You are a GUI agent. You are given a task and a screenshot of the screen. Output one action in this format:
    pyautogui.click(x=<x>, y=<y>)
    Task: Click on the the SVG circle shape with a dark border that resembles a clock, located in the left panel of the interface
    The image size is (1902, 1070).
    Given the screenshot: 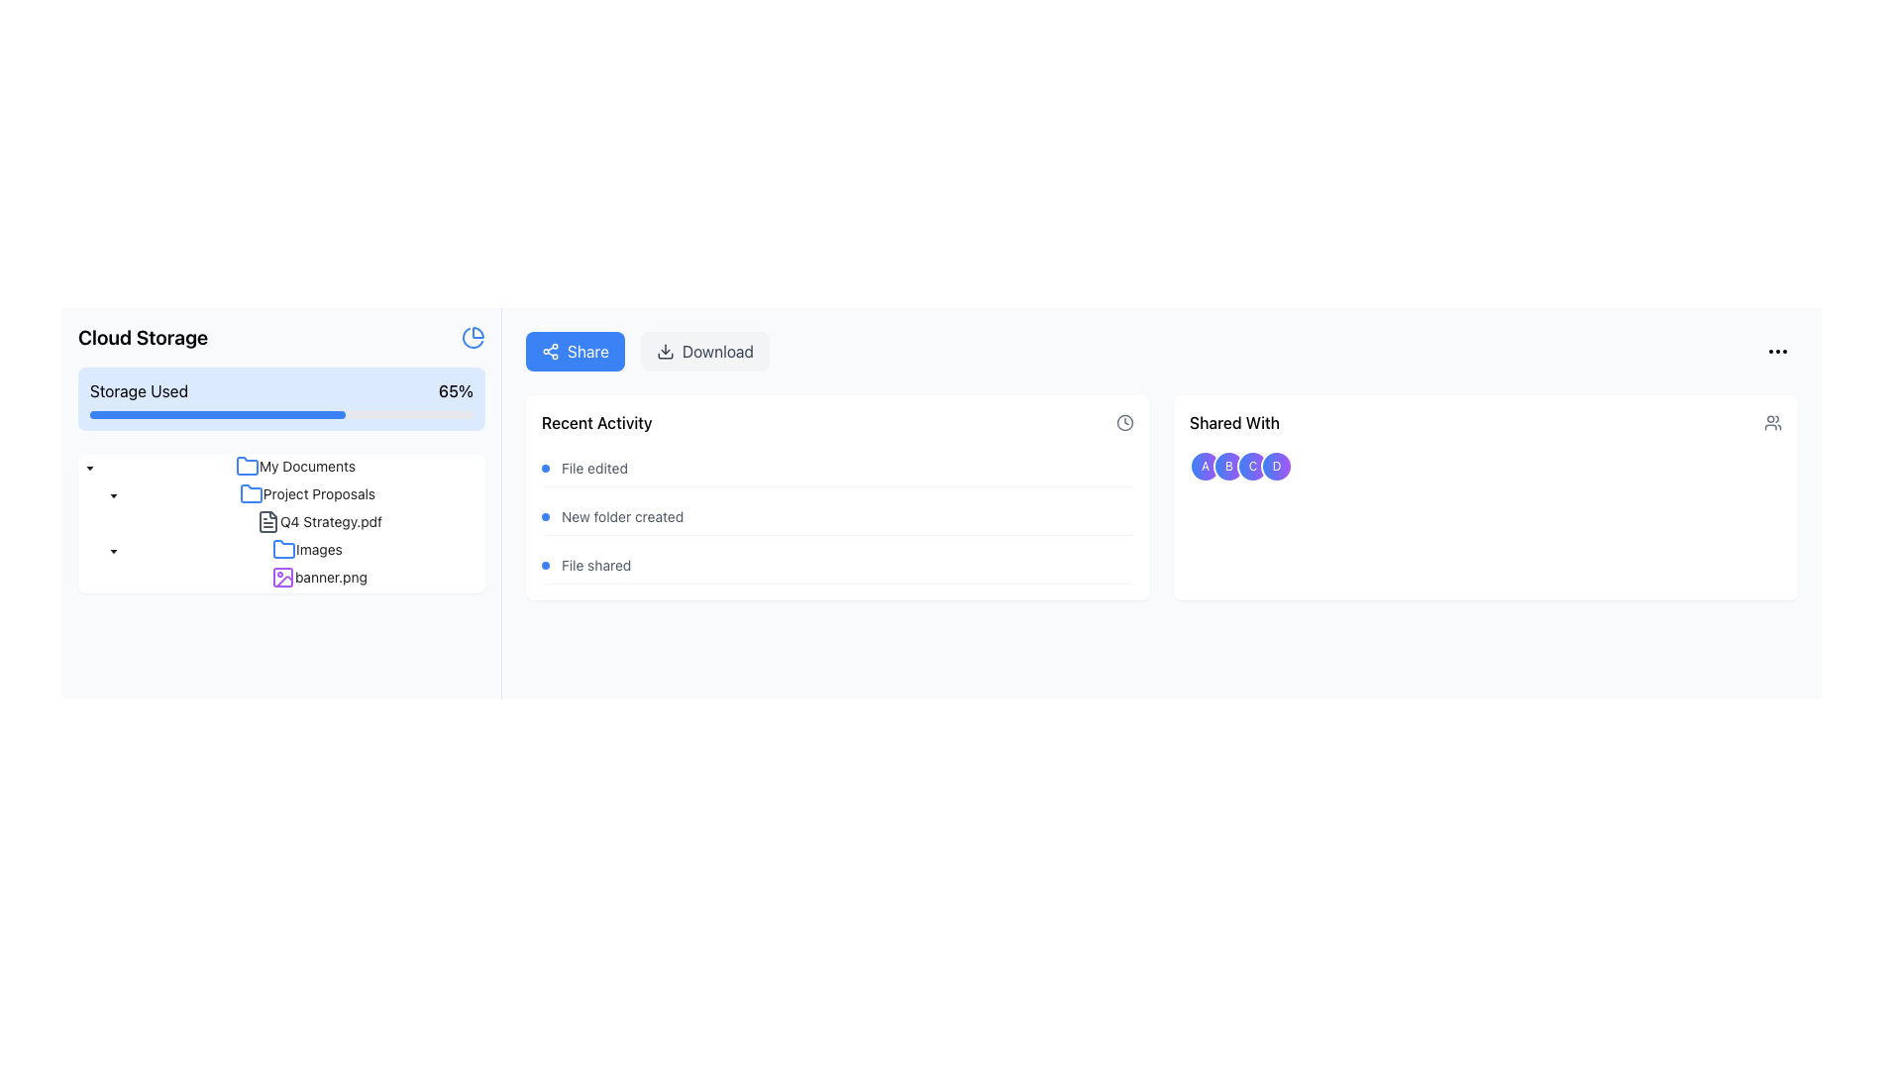 What is the action you would take?
    pyautogui.click(x=1125, y=422)
    